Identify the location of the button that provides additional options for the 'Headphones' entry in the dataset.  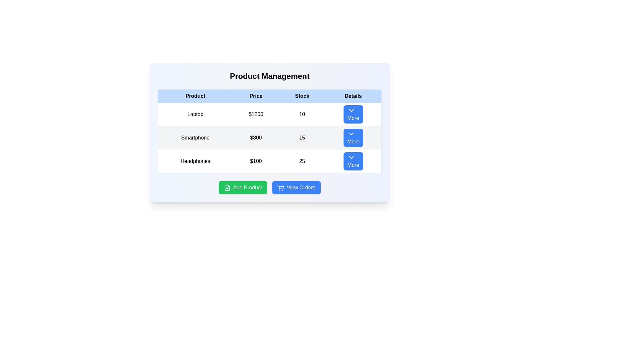
(353, 161).